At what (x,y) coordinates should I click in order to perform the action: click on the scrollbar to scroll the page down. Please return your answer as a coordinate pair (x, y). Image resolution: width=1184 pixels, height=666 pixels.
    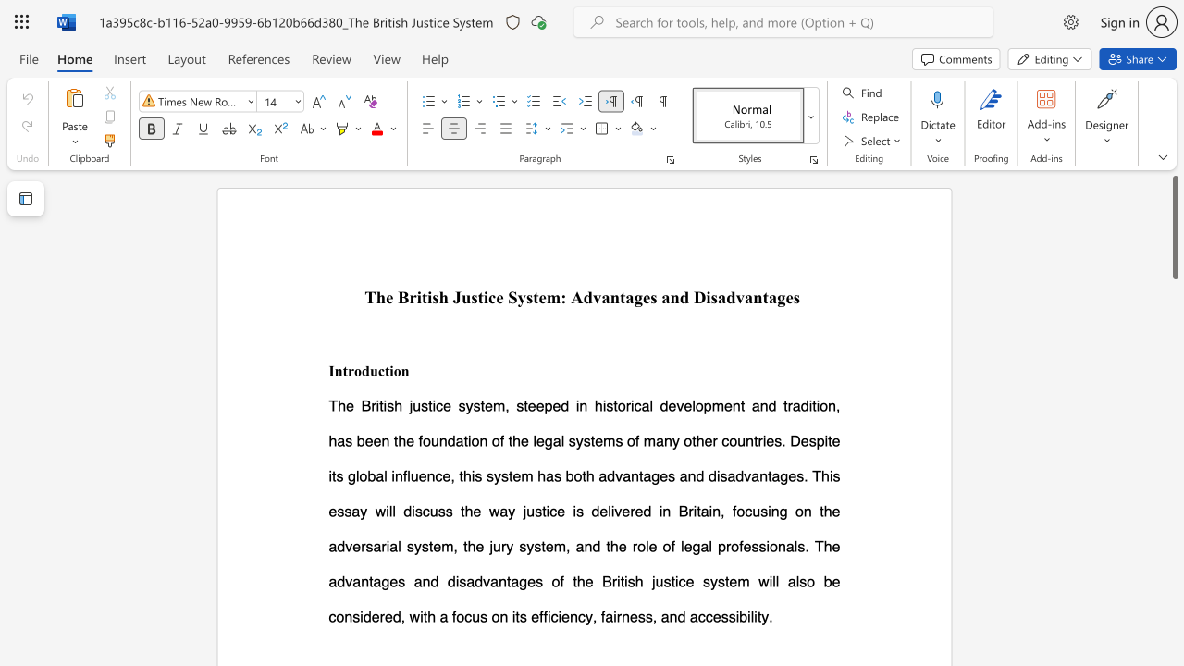
    Looking at the image, I should click on (1174, 636).